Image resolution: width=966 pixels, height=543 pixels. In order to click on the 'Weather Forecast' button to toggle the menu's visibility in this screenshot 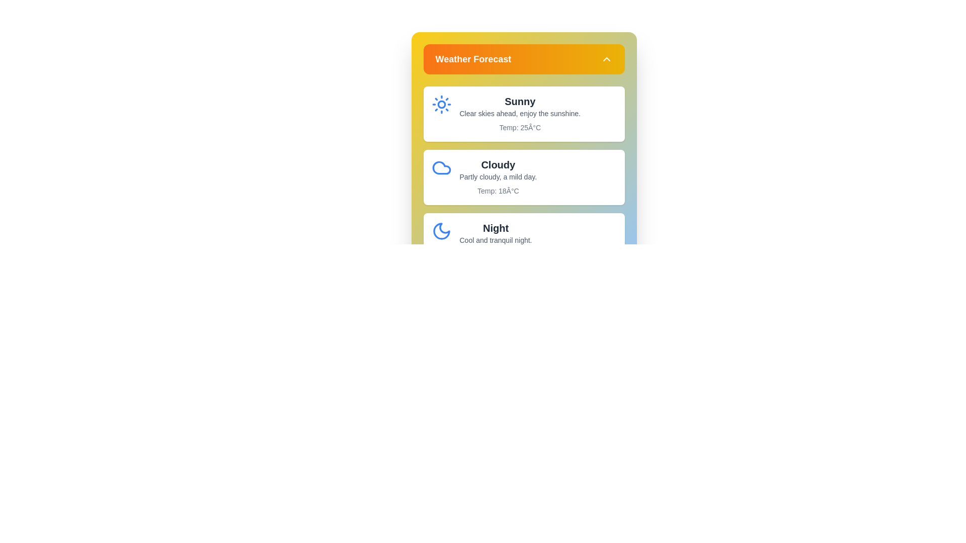, I will do `click(523, 59)`.